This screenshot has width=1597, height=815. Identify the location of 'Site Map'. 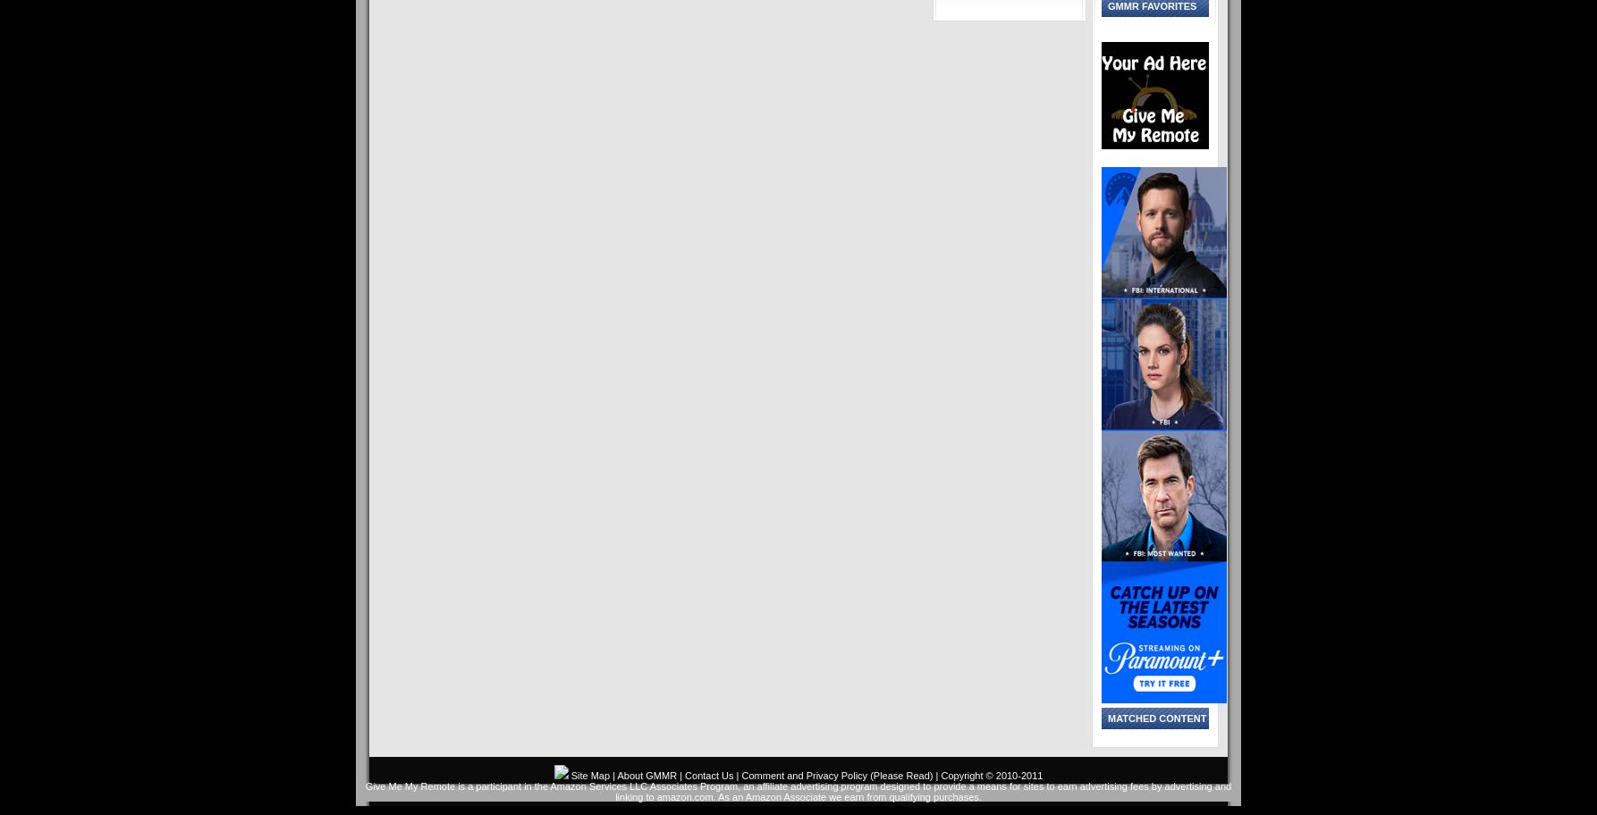
(570, 776).